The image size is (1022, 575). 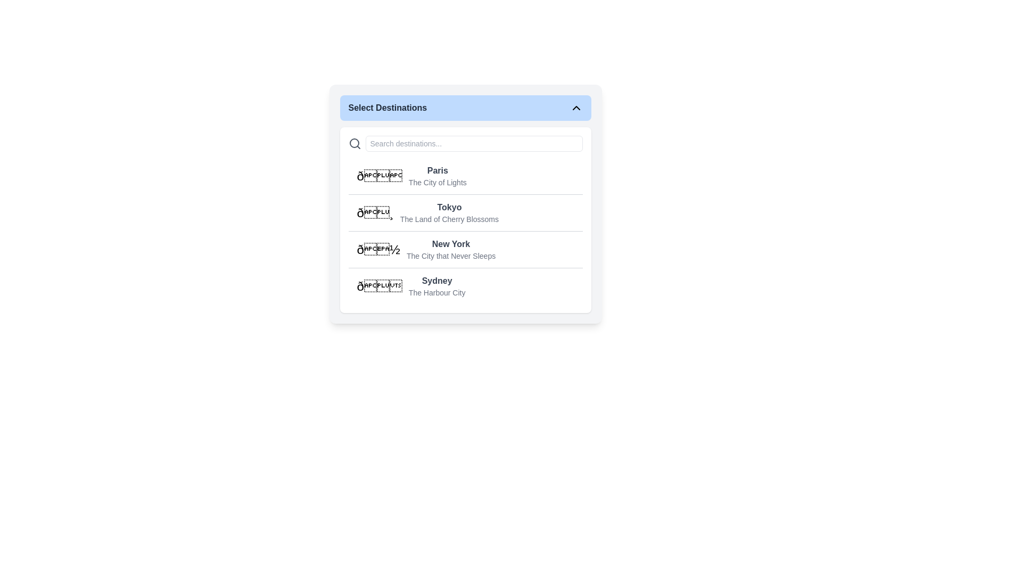 I want to click on the list item containing the bold text 'Tokyo' with the subtitle 'The Land of Cherry Blossoms' and a cherry blossom icon, so click(x=427, y=213).